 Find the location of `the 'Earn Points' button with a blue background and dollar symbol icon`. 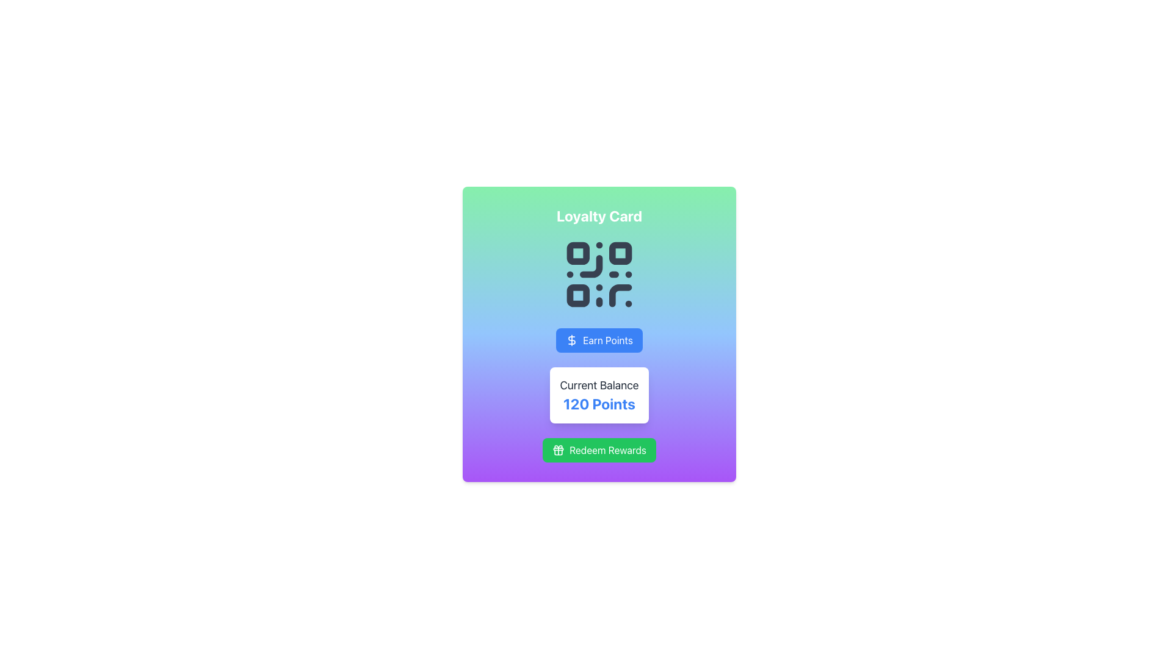

the 'Earn Points' button with a blue background and dollar symbol icon is located at coordinates (599, 334).